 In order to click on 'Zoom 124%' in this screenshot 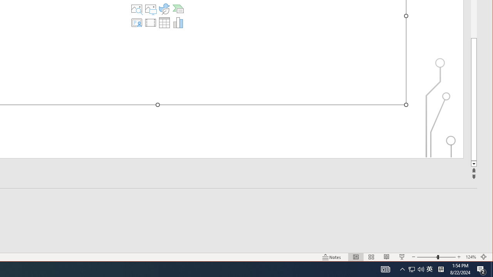, I will do `click(470, 257)`.